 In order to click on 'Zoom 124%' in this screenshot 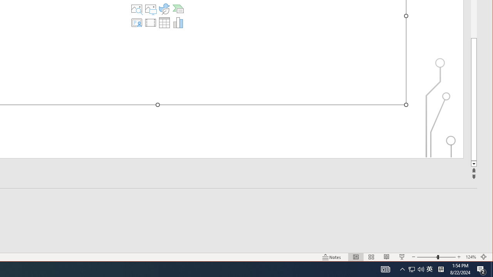, I will do `click(470, 257)`.